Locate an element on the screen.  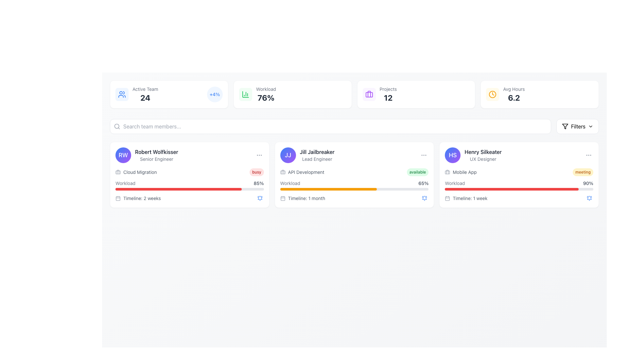
the funnel SVG icon located at the top-right corner of the interface is located at coordinates (565, 126).